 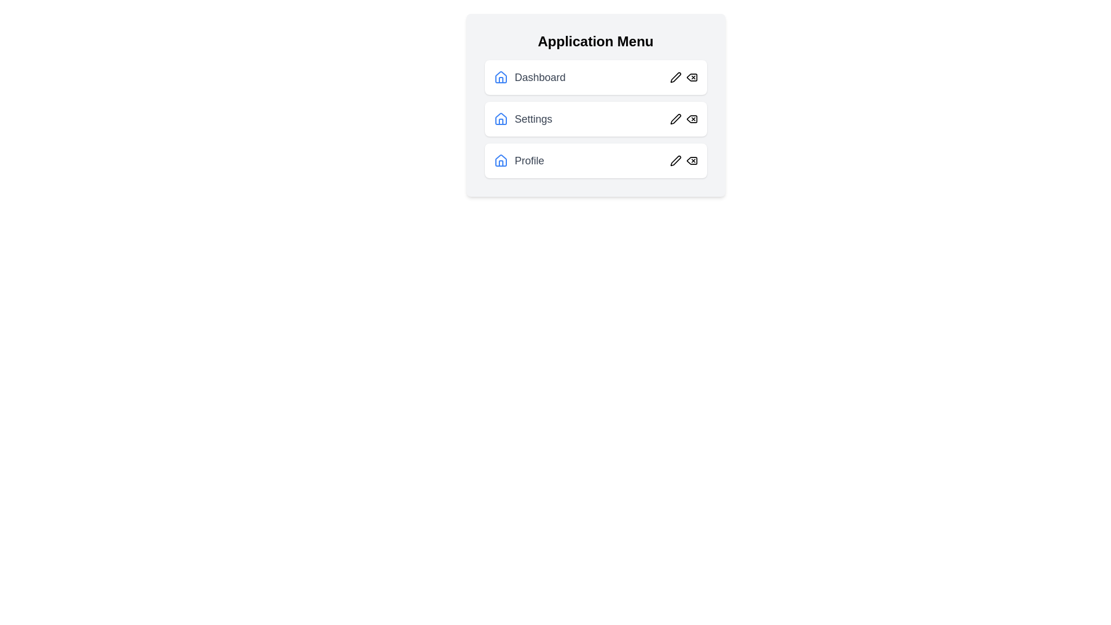 I want to click on the house icon with a blue outline located in the second row of the Application Menu, left of the 'Settings' label, so click(x=501, y=77).